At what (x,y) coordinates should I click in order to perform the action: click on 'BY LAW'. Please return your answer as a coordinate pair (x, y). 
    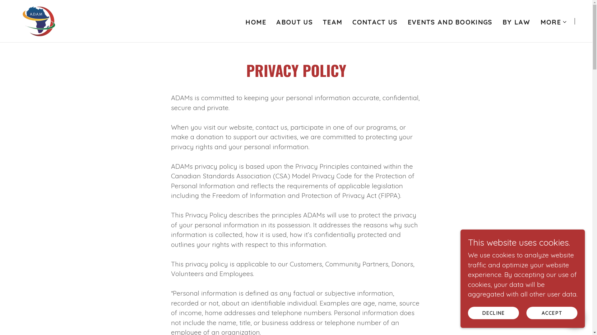
    Looking at the image, I should click on (500, 21).